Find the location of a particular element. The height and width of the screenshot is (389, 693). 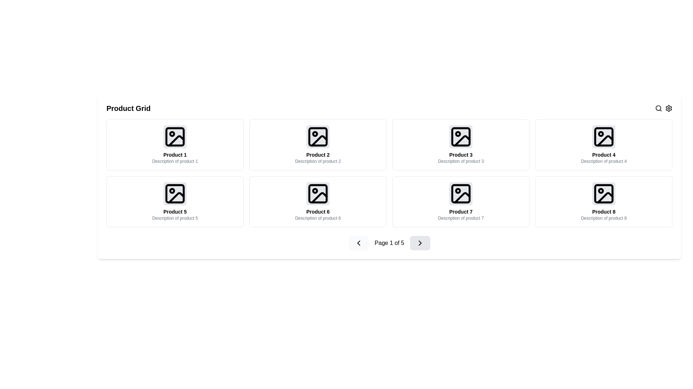

the SVG circle element located within the icon of 'Product 8', which is the last item in the grid's second row, positioned at the bottom right is located at coordinates (601, 190).